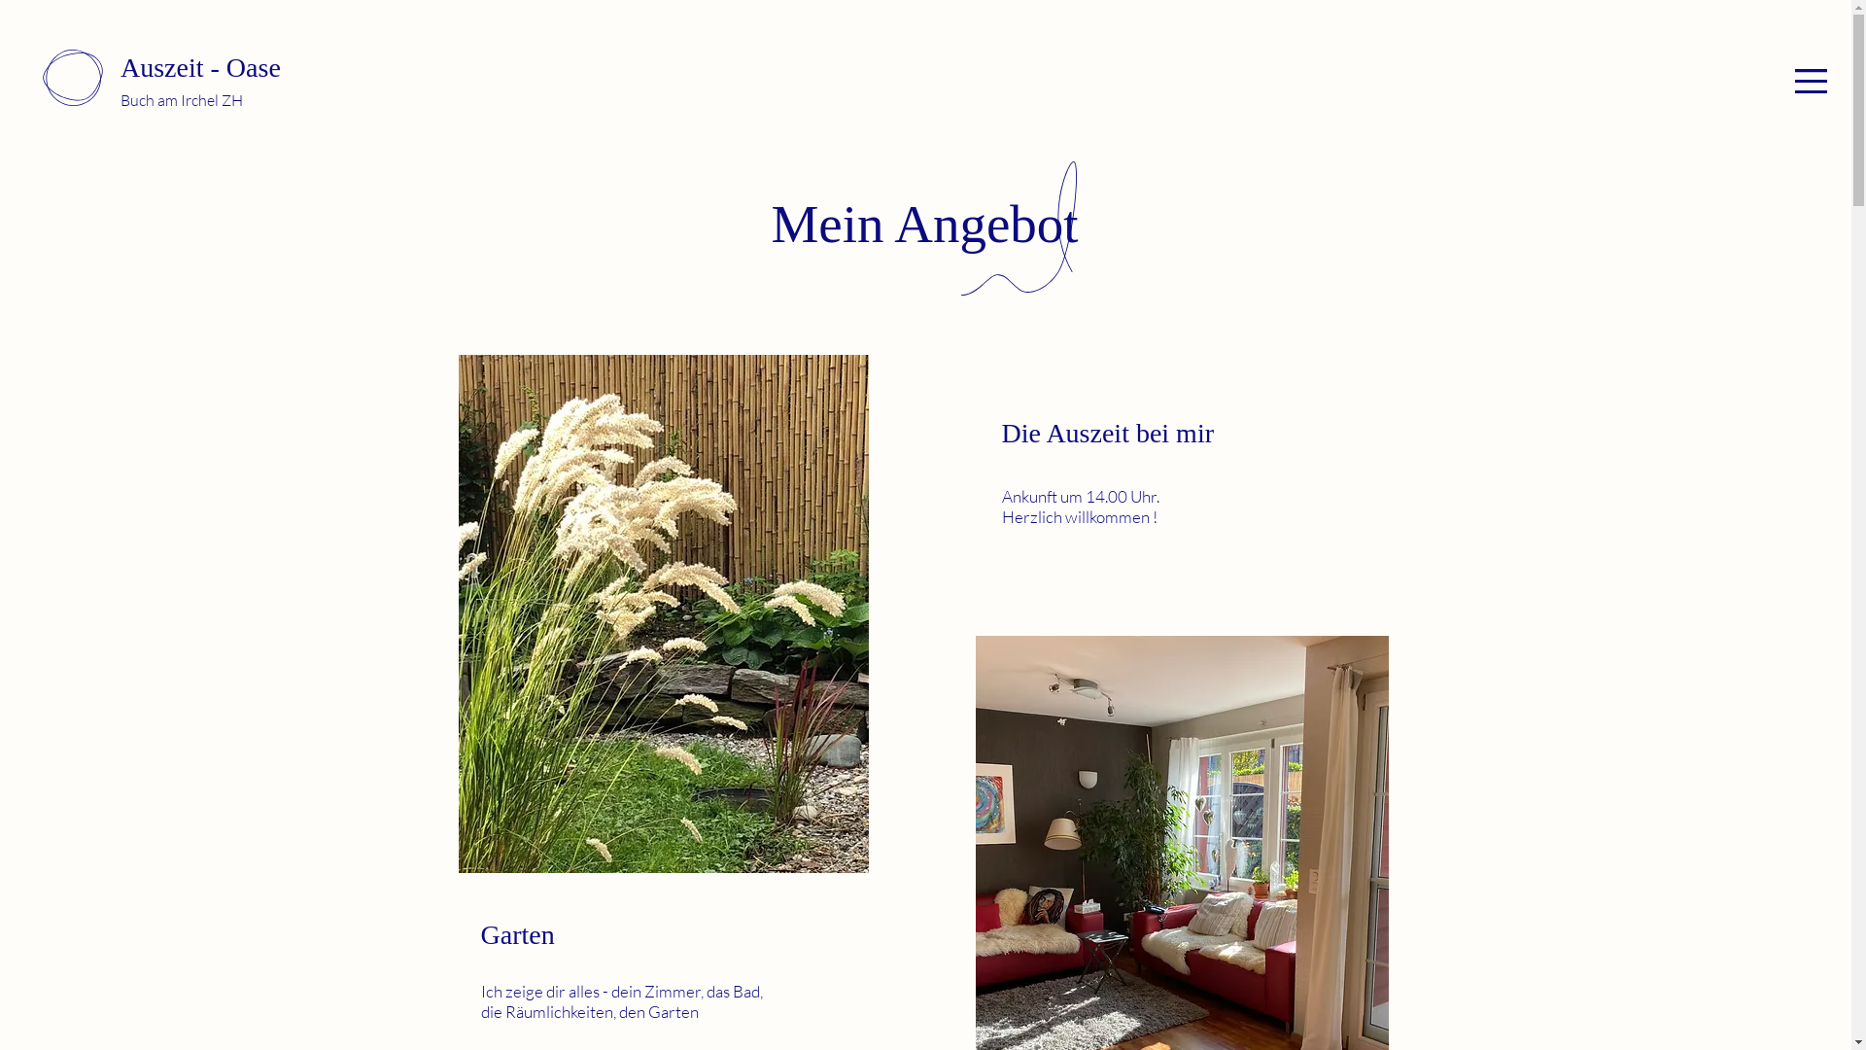  I want to click on 'Auszeit - Oase', so click(200, 66).